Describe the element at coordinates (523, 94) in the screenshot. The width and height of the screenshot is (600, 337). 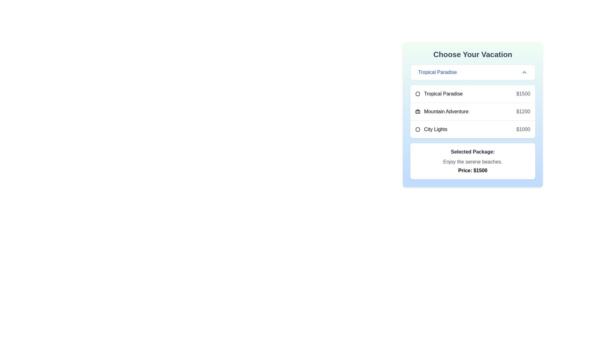
I see `the text label displaying the value '$1500' in gray font, positioned to the right of 'Tropical Paradise' within the first selectable option of the list` at that location.